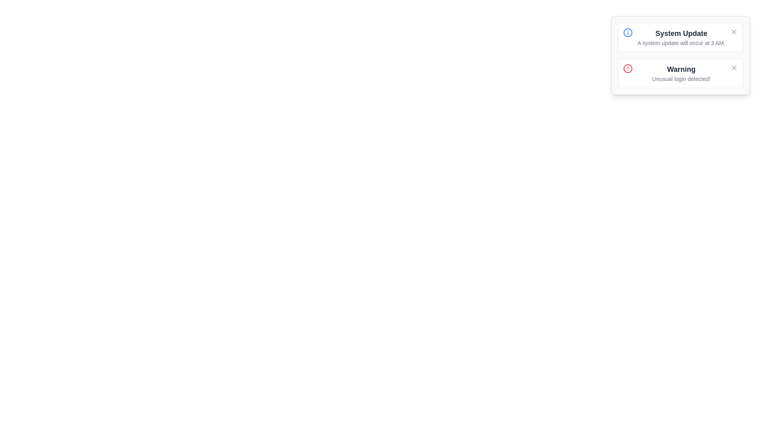  What do you see at coordinates (627, 32) in the screenshot?
I see `central circular SVG graphic of the 'System Update' notification entry, which enhances the visual appeal of the icon` at bounding box center [627, 32].